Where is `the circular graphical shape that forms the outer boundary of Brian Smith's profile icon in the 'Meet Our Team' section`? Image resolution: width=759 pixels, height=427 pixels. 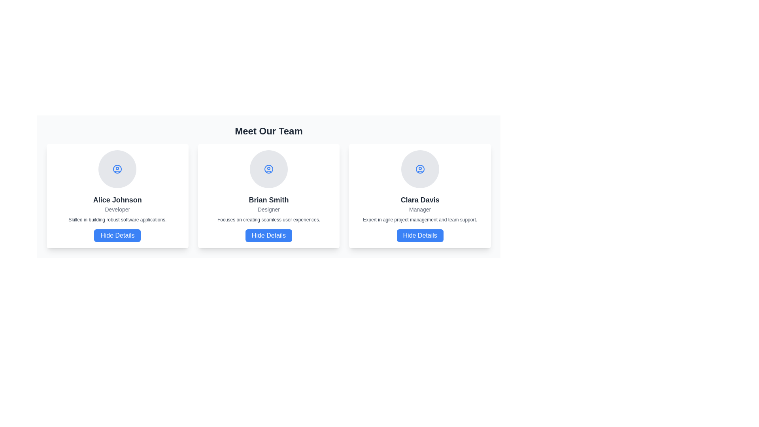 the circular graphical shape that forms the outer boundary of Brian Smith's profile icon in the 'Meet Our Team' section is located at coordinates (269, 169).